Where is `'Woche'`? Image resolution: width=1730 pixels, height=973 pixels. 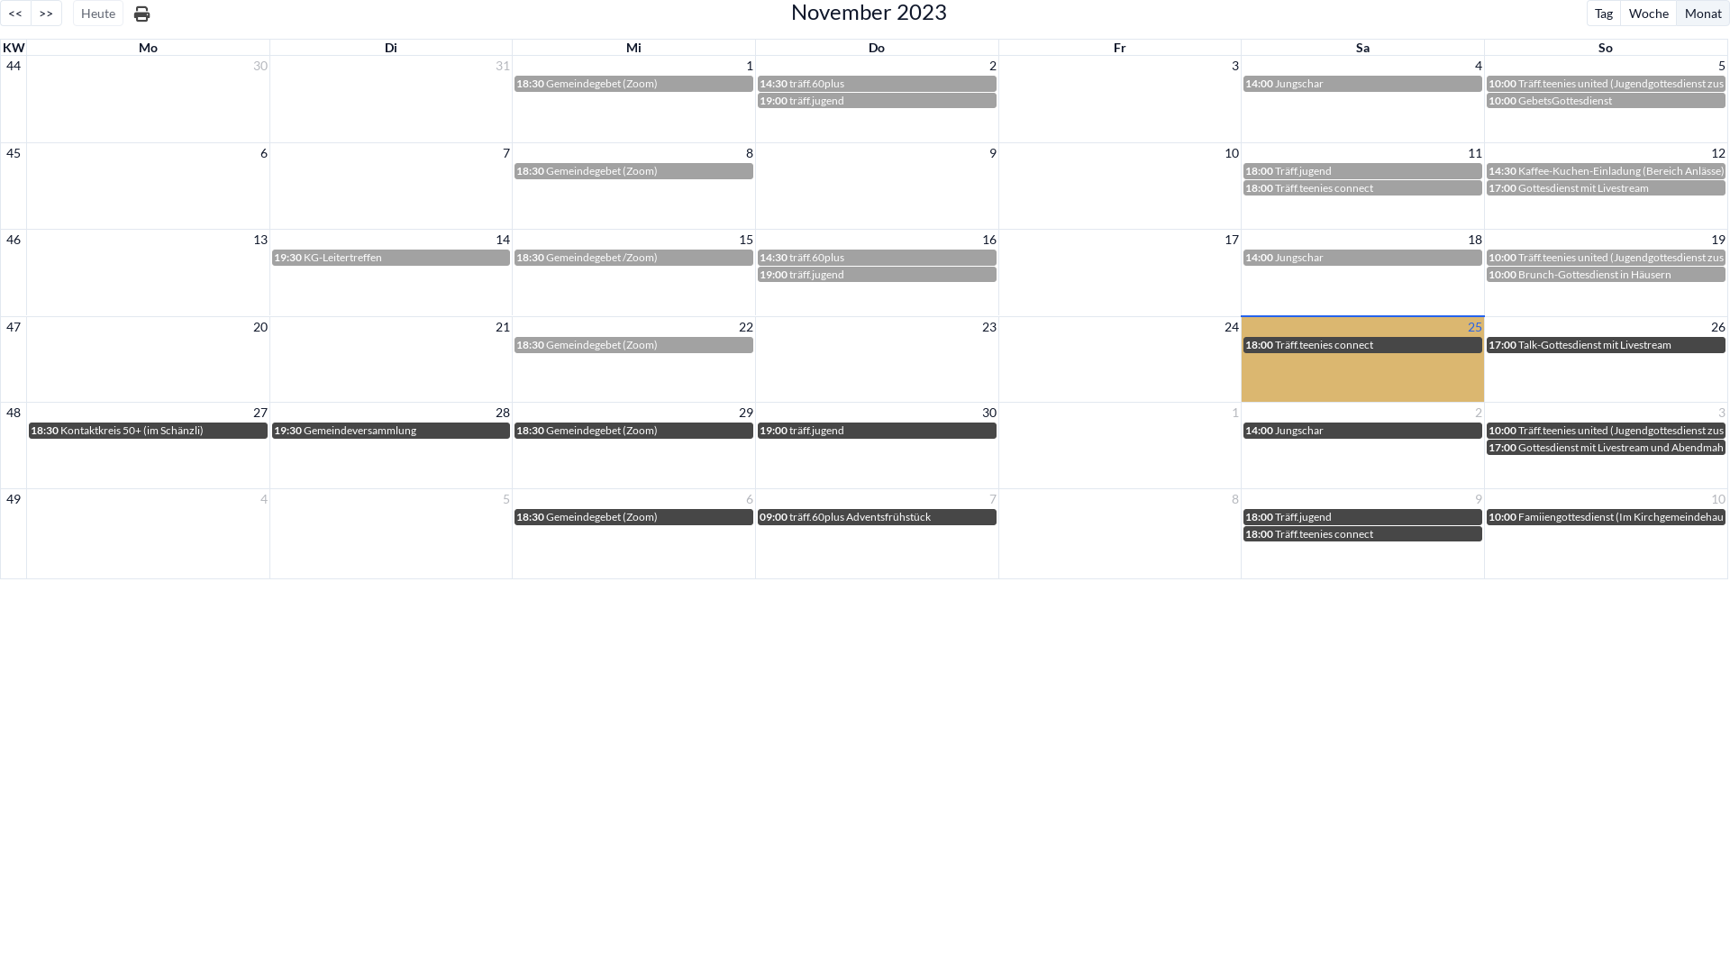
'Woche' is located at coordinates (1647, 13).